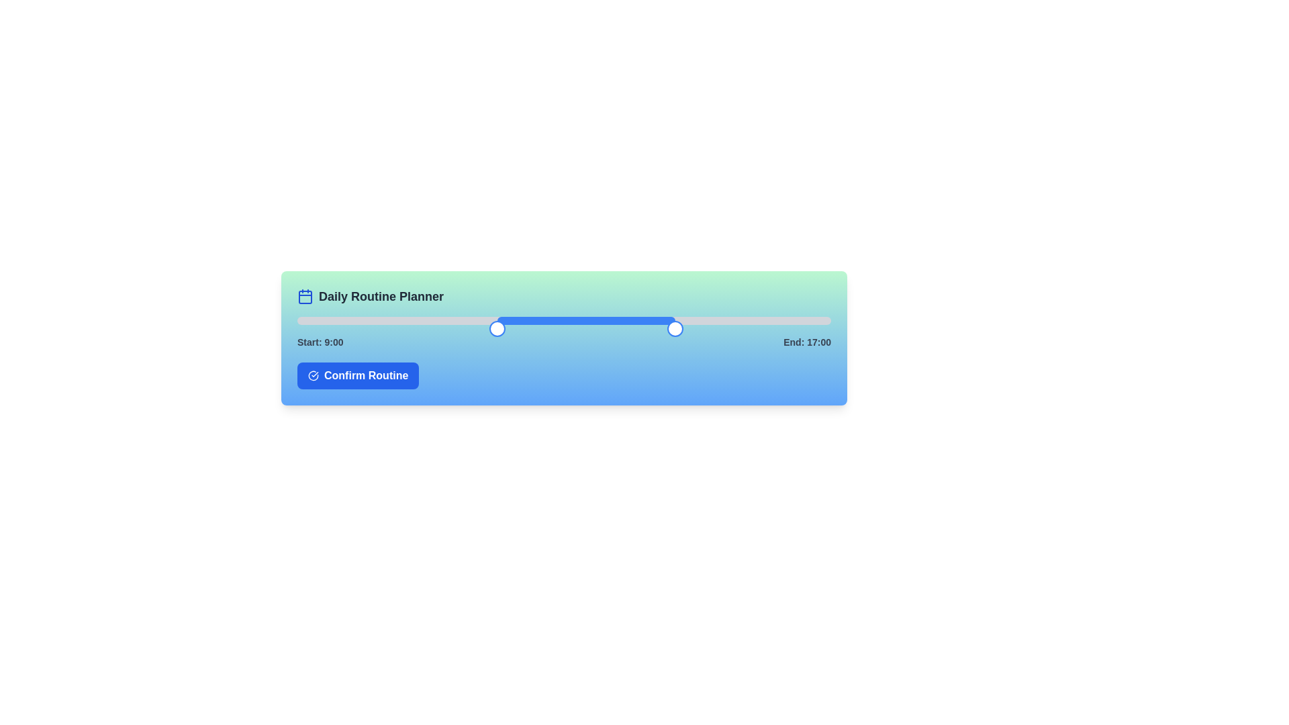 Image resolution: width=1289 pixels, height=725 pixels. What do you see at coordinates (497, 328) in the screenshot?
I see `the second circular marker on the progress bar, which allows the user to adjust a value or setting in the Daily Routine Planner` at bounding box center [497, 328].